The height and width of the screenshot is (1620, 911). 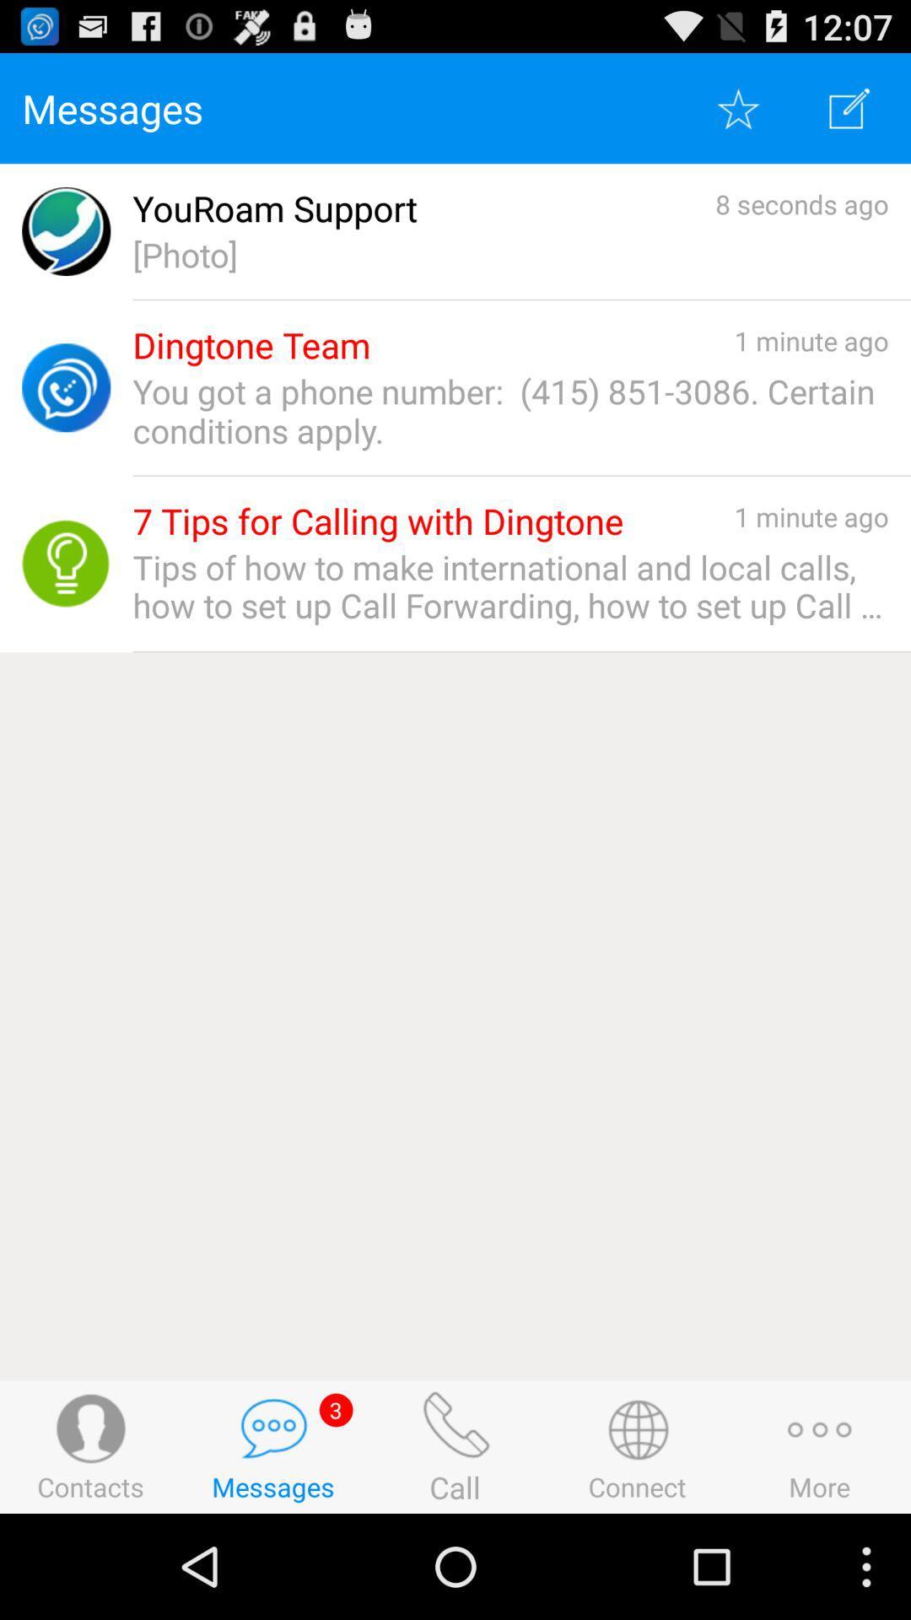 I want to click on the app to the right of youroam support app, so click(x=801, y=202).